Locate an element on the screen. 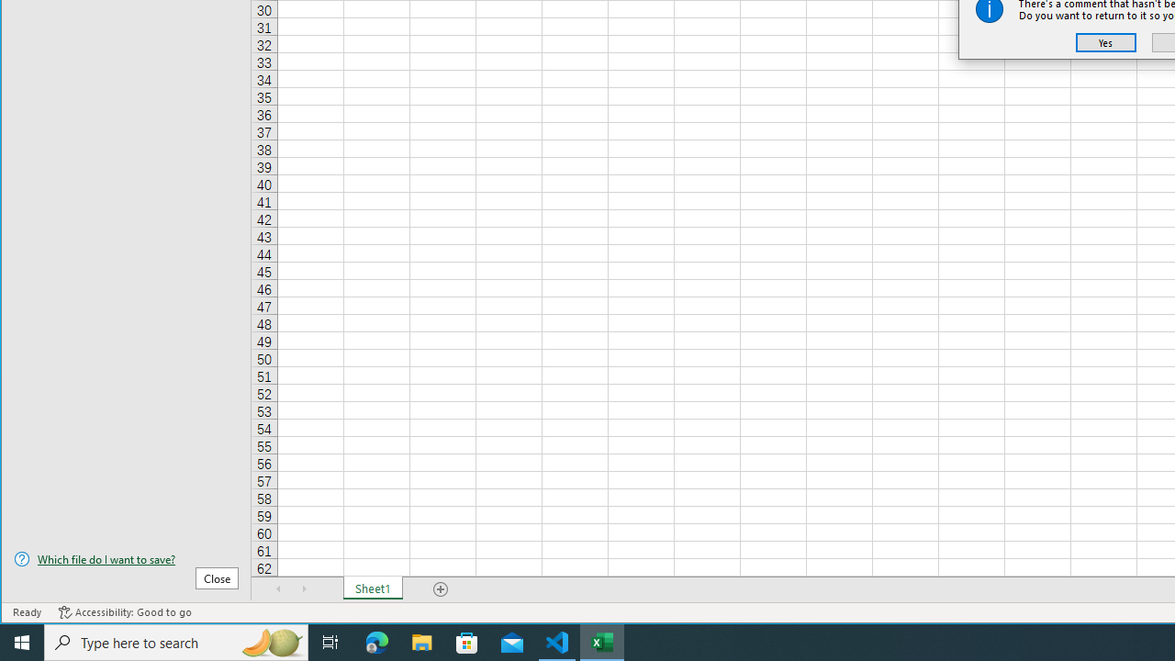 Image resolution: width=1175 pixels, height=661 pixels. 'Yes' is located at coordinates (1105, 41).